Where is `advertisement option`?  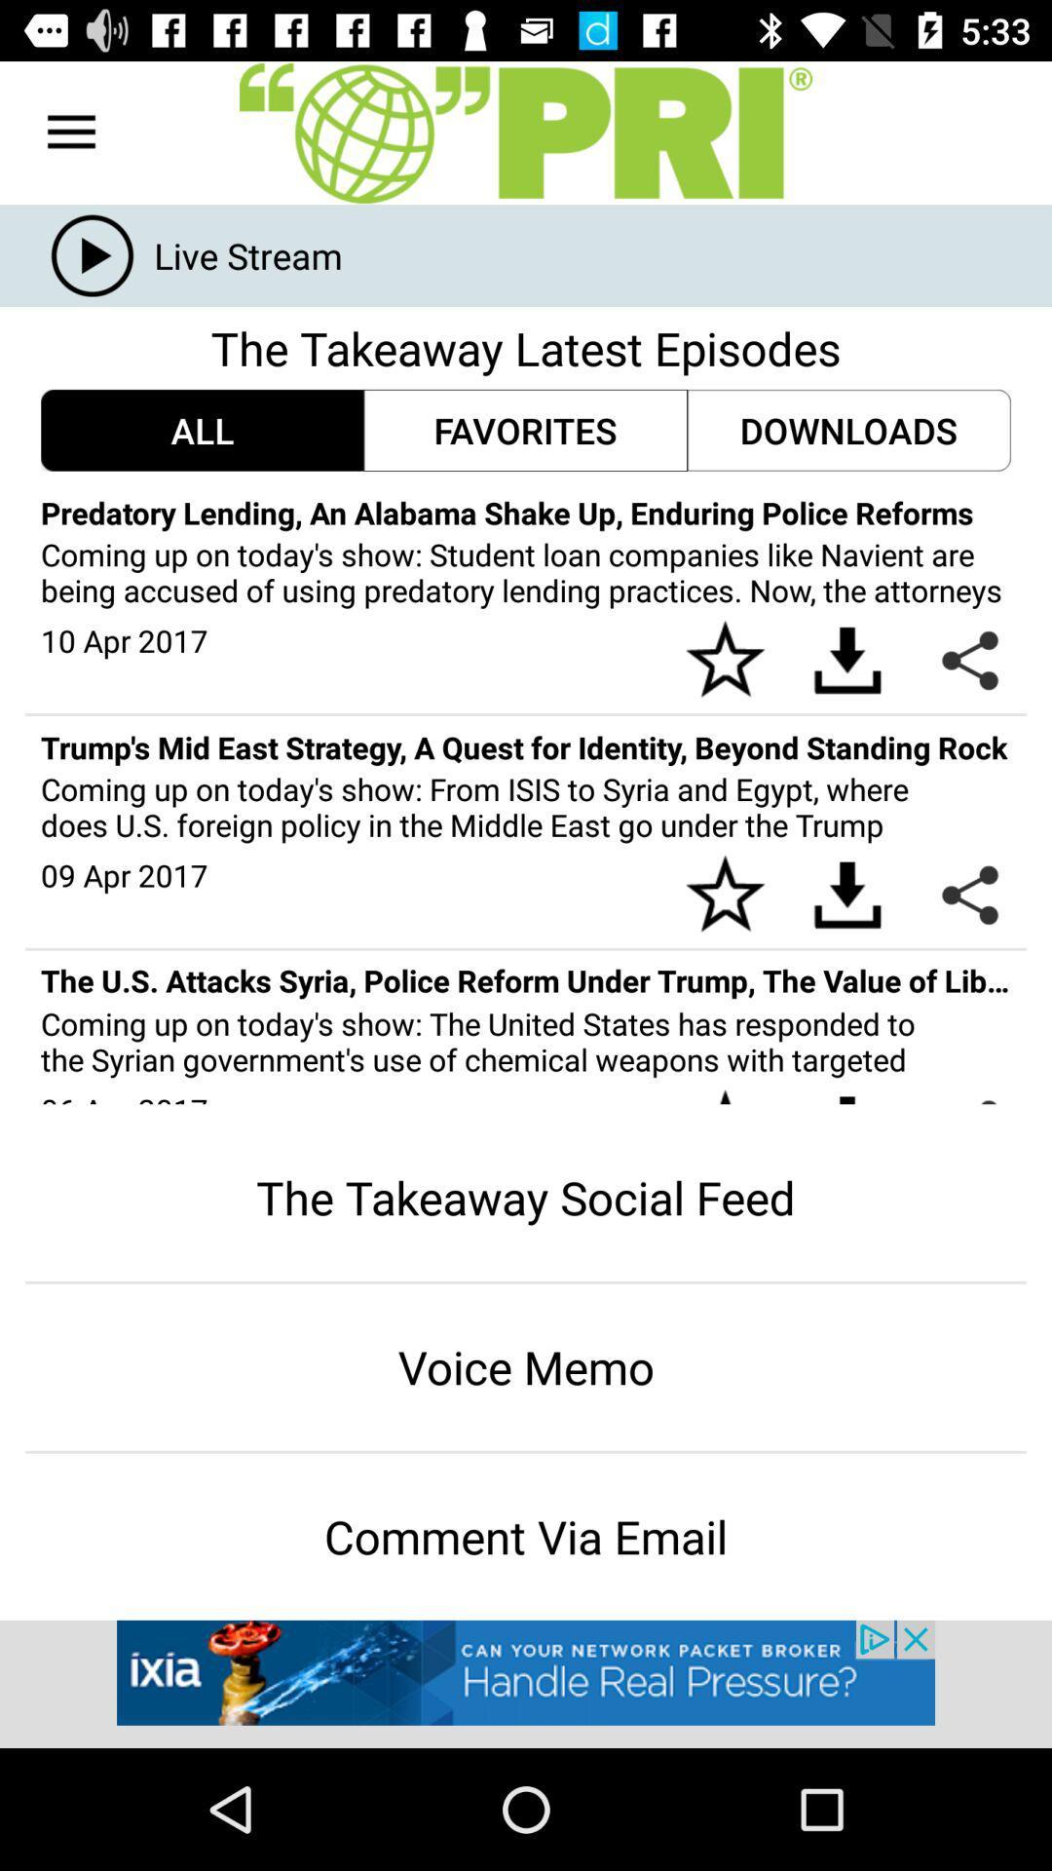 advertisement option is located at coordinates (526, 1683).